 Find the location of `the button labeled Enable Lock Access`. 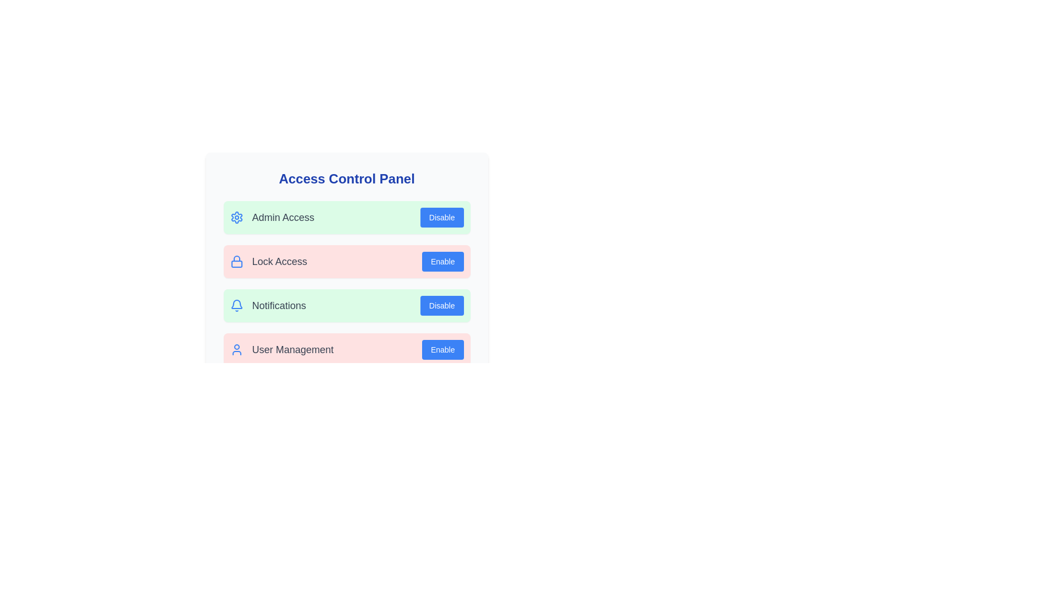

the button labeled Enable Lock Access is located at coordinates (442, 261).